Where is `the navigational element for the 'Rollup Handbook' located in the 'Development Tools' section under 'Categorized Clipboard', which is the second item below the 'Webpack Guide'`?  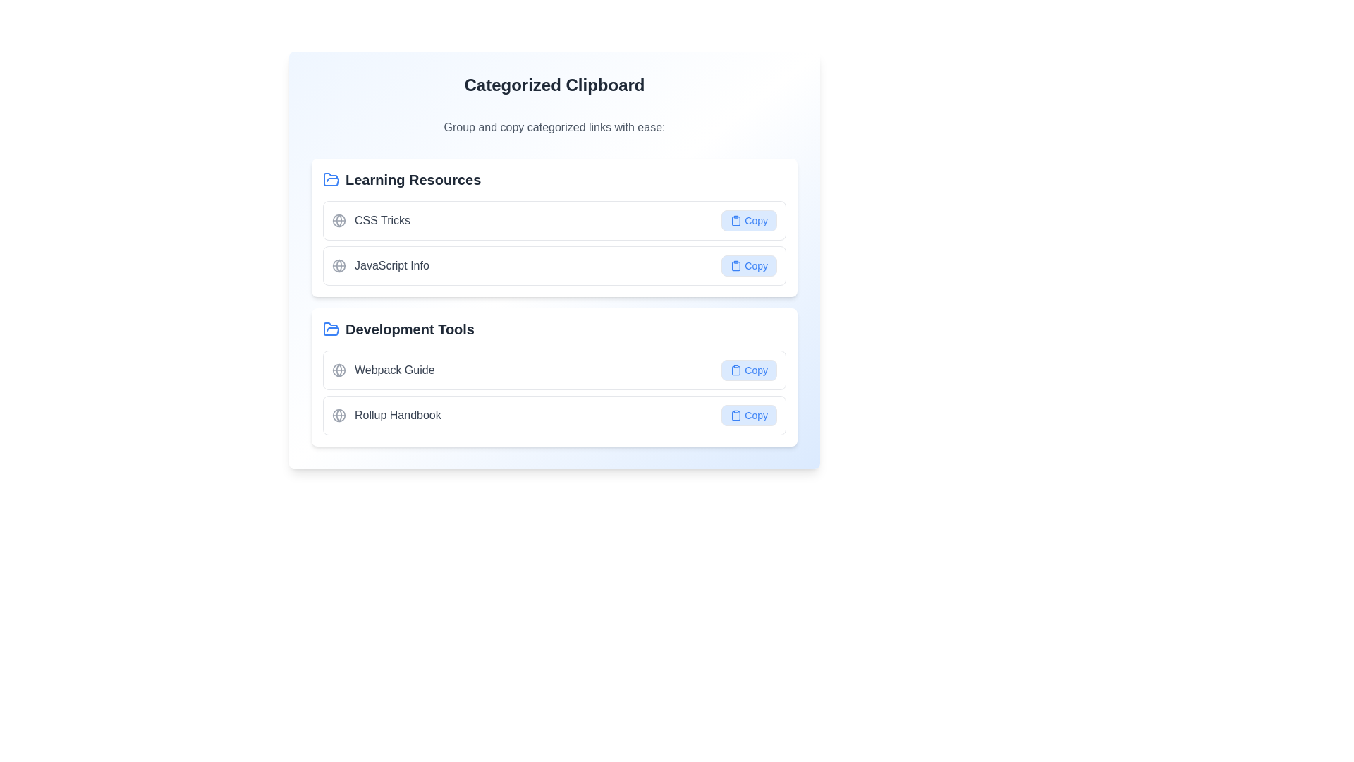
the navigational element for the 'Rollup Handbook' located in the 'Development Tools' section under 'Categorized Clipboard', which is the second item below the 'Webpack Guide' is located at coordinates (386, 415).